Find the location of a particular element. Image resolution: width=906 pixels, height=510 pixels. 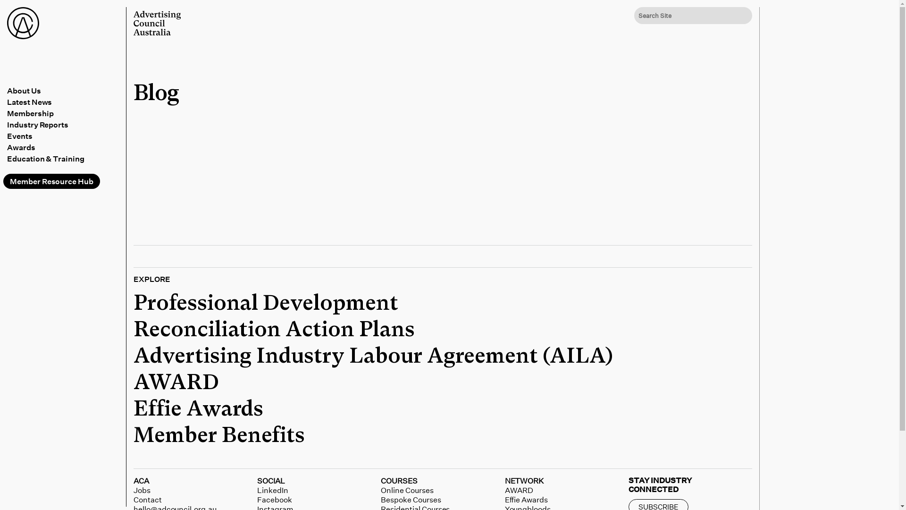

'Education & Training' is located at coordinates (64, 158).